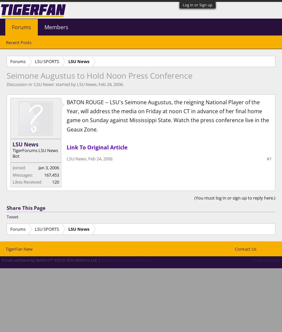  Describe the element at coordinates (55, 182) in the screenshot. I see `'120'` at that location.